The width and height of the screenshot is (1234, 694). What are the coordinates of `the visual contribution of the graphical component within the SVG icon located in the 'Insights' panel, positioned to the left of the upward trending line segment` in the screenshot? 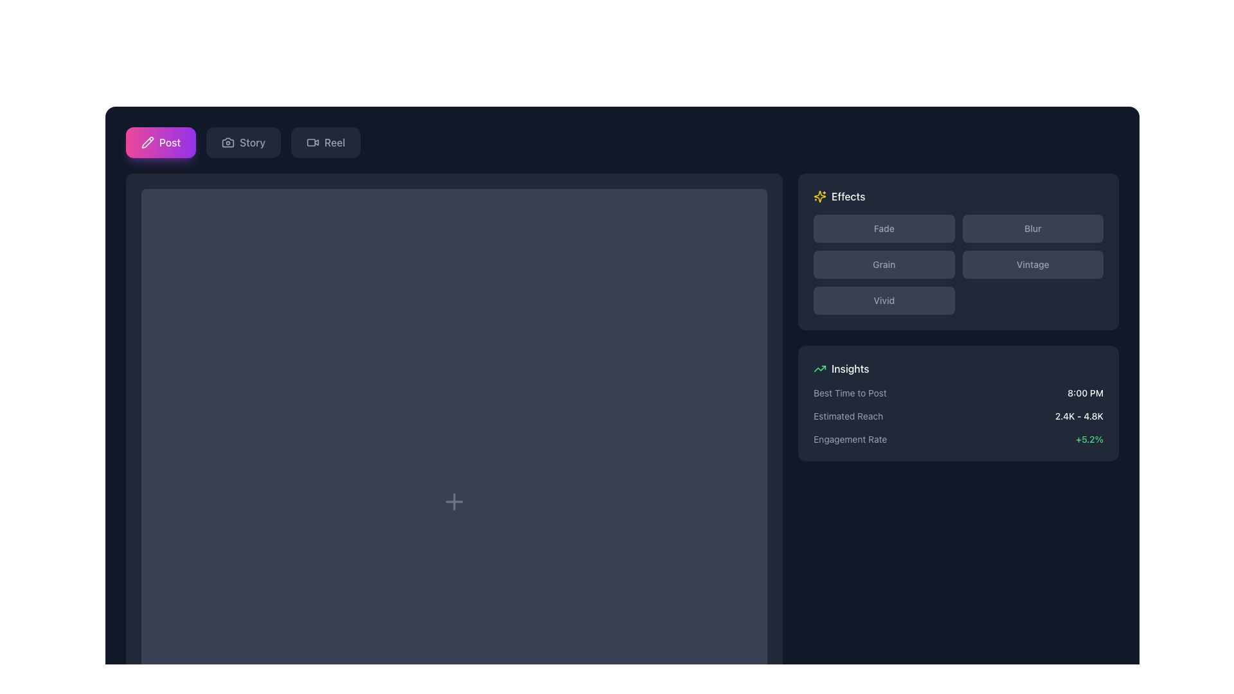 It's located at (819, 369).